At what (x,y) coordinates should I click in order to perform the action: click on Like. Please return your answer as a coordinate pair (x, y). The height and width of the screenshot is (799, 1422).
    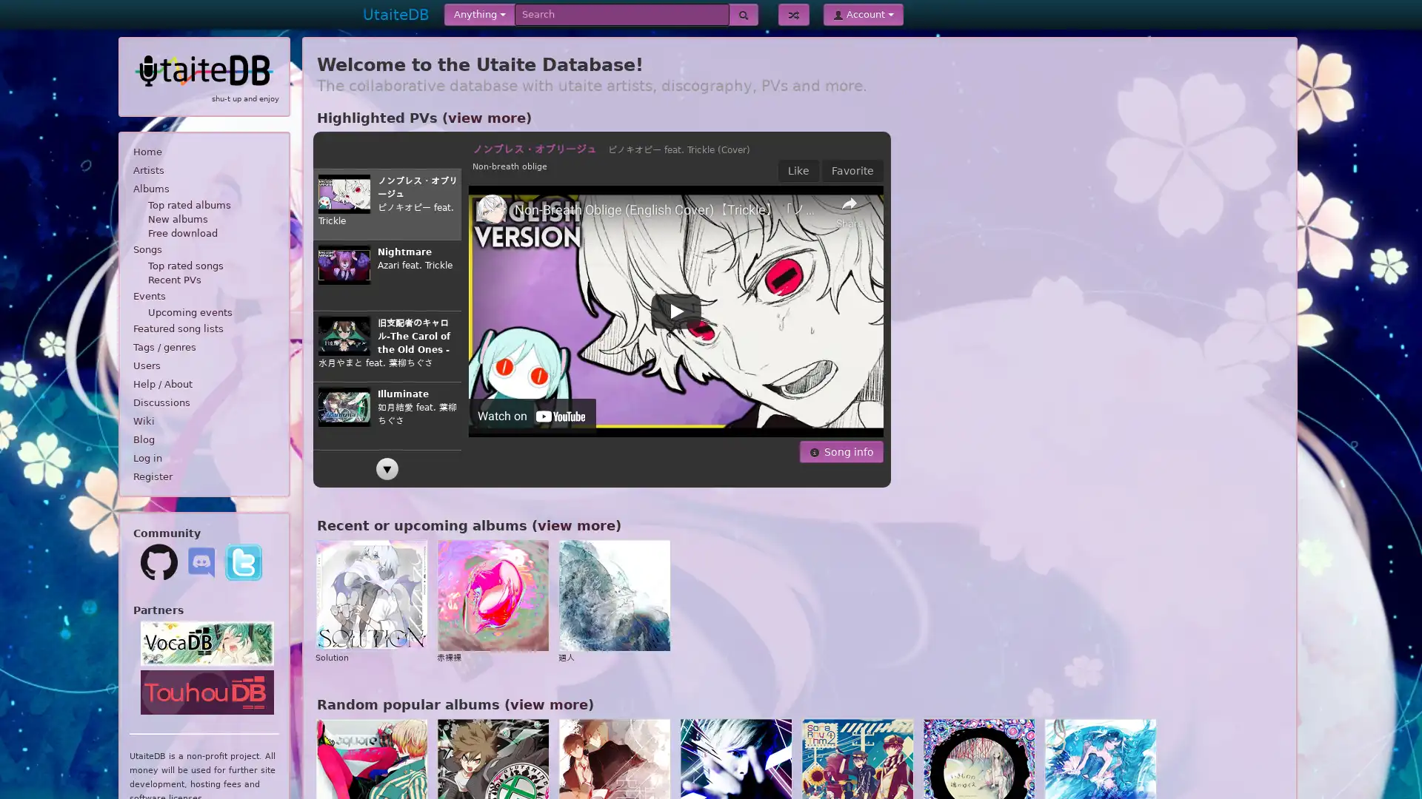
    Looking at the image, I should click on (798, 170).